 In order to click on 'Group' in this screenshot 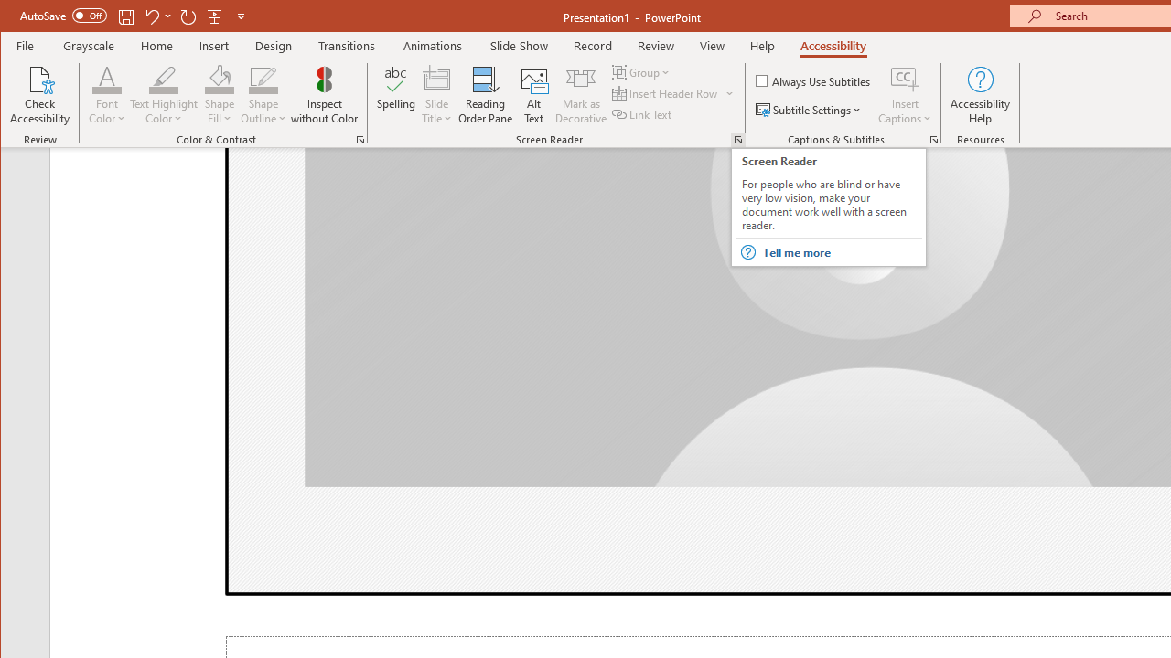, I will do `click(642, 71)`.